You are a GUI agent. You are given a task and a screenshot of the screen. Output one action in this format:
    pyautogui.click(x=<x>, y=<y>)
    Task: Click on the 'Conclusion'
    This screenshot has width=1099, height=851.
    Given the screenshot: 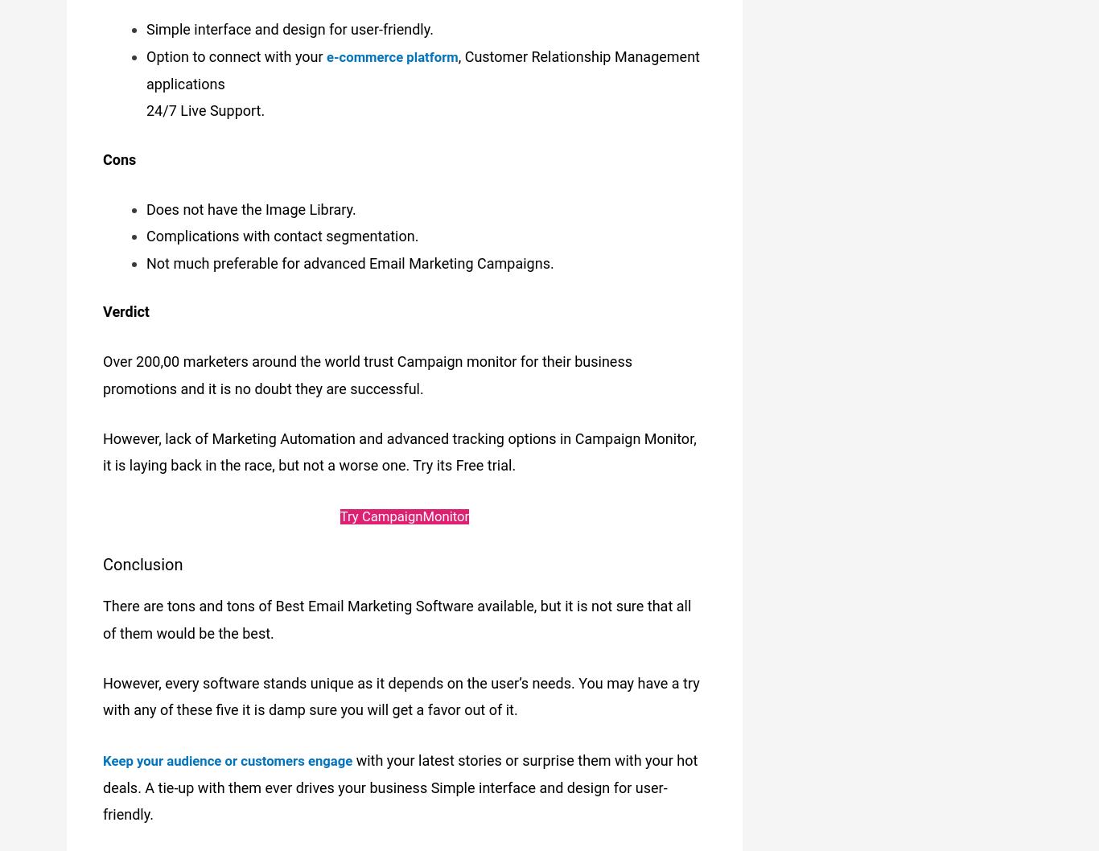 What is the action you would take?
    pyautogui.click(x=142, y=553)
    